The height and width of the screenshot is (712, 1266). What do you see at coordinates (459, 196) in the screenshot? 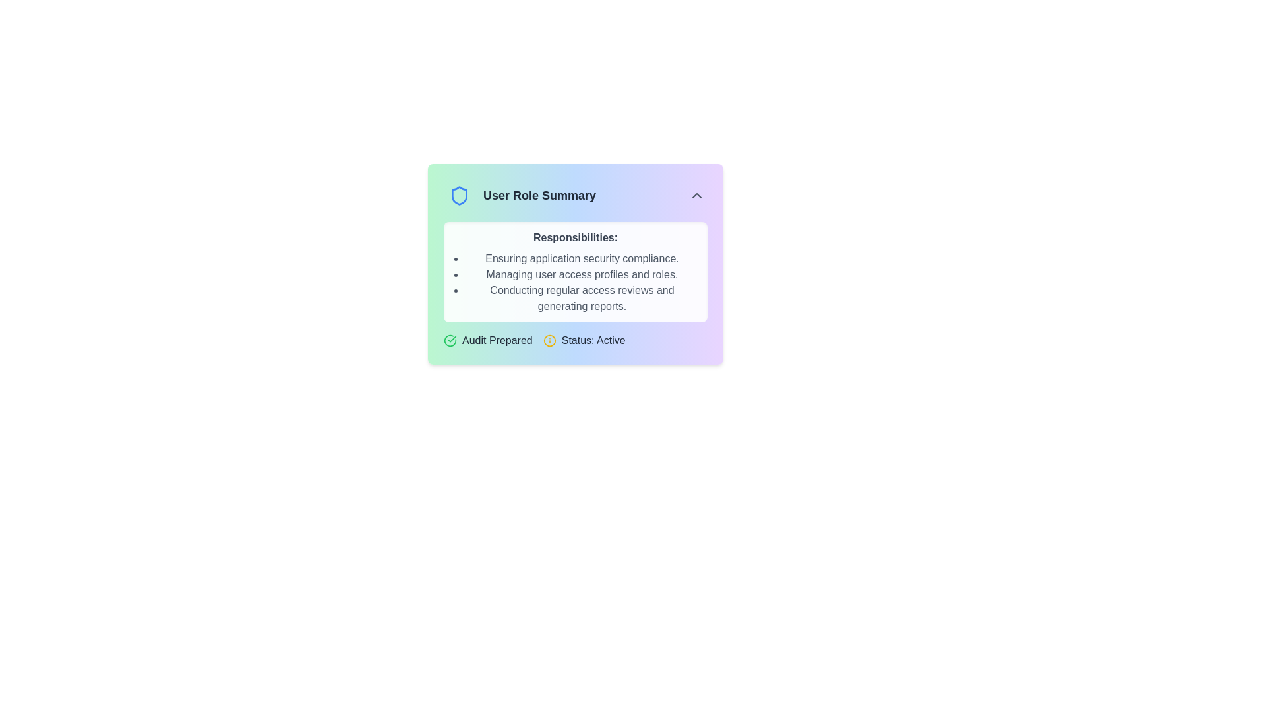
I see `the security icon located in the top-left corner of the 'User Role Summary' card, which visually represents user roles and compliance` at bounding box center [459, 196].